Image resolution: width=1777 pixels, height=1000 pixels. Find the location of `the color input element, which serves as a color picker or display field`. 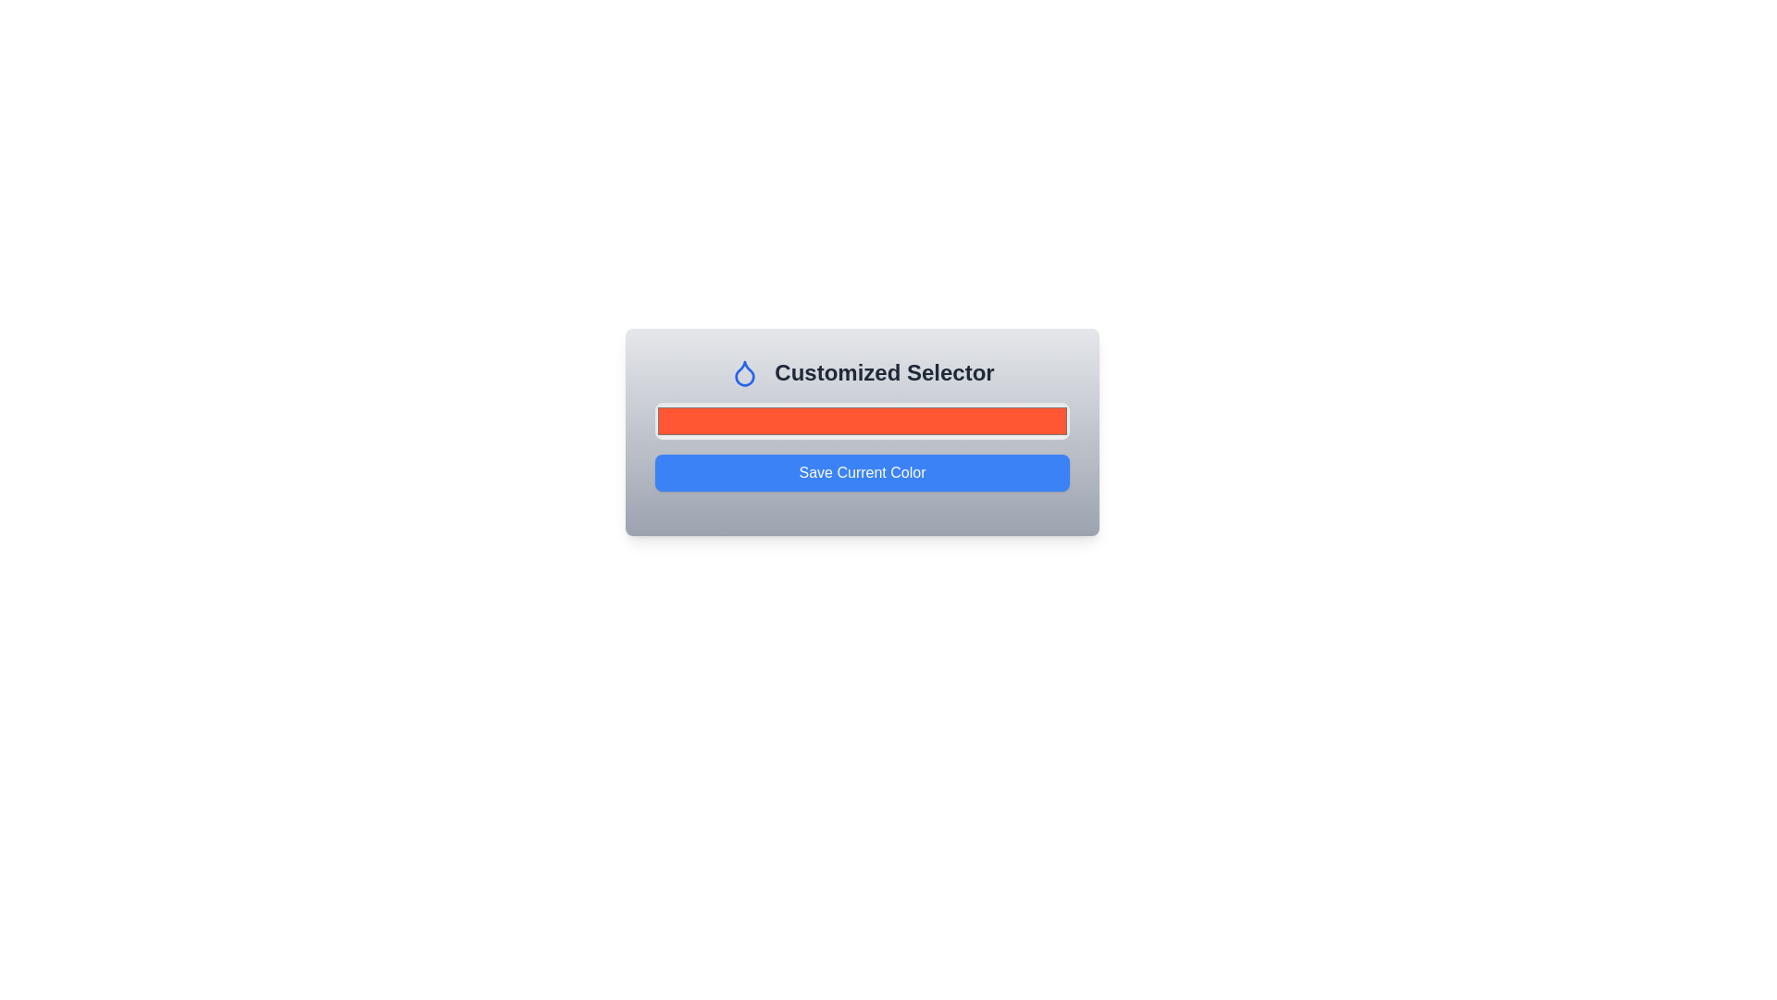

the color input element, which serves as a color picker or display field is located at coordinates (861, 421).